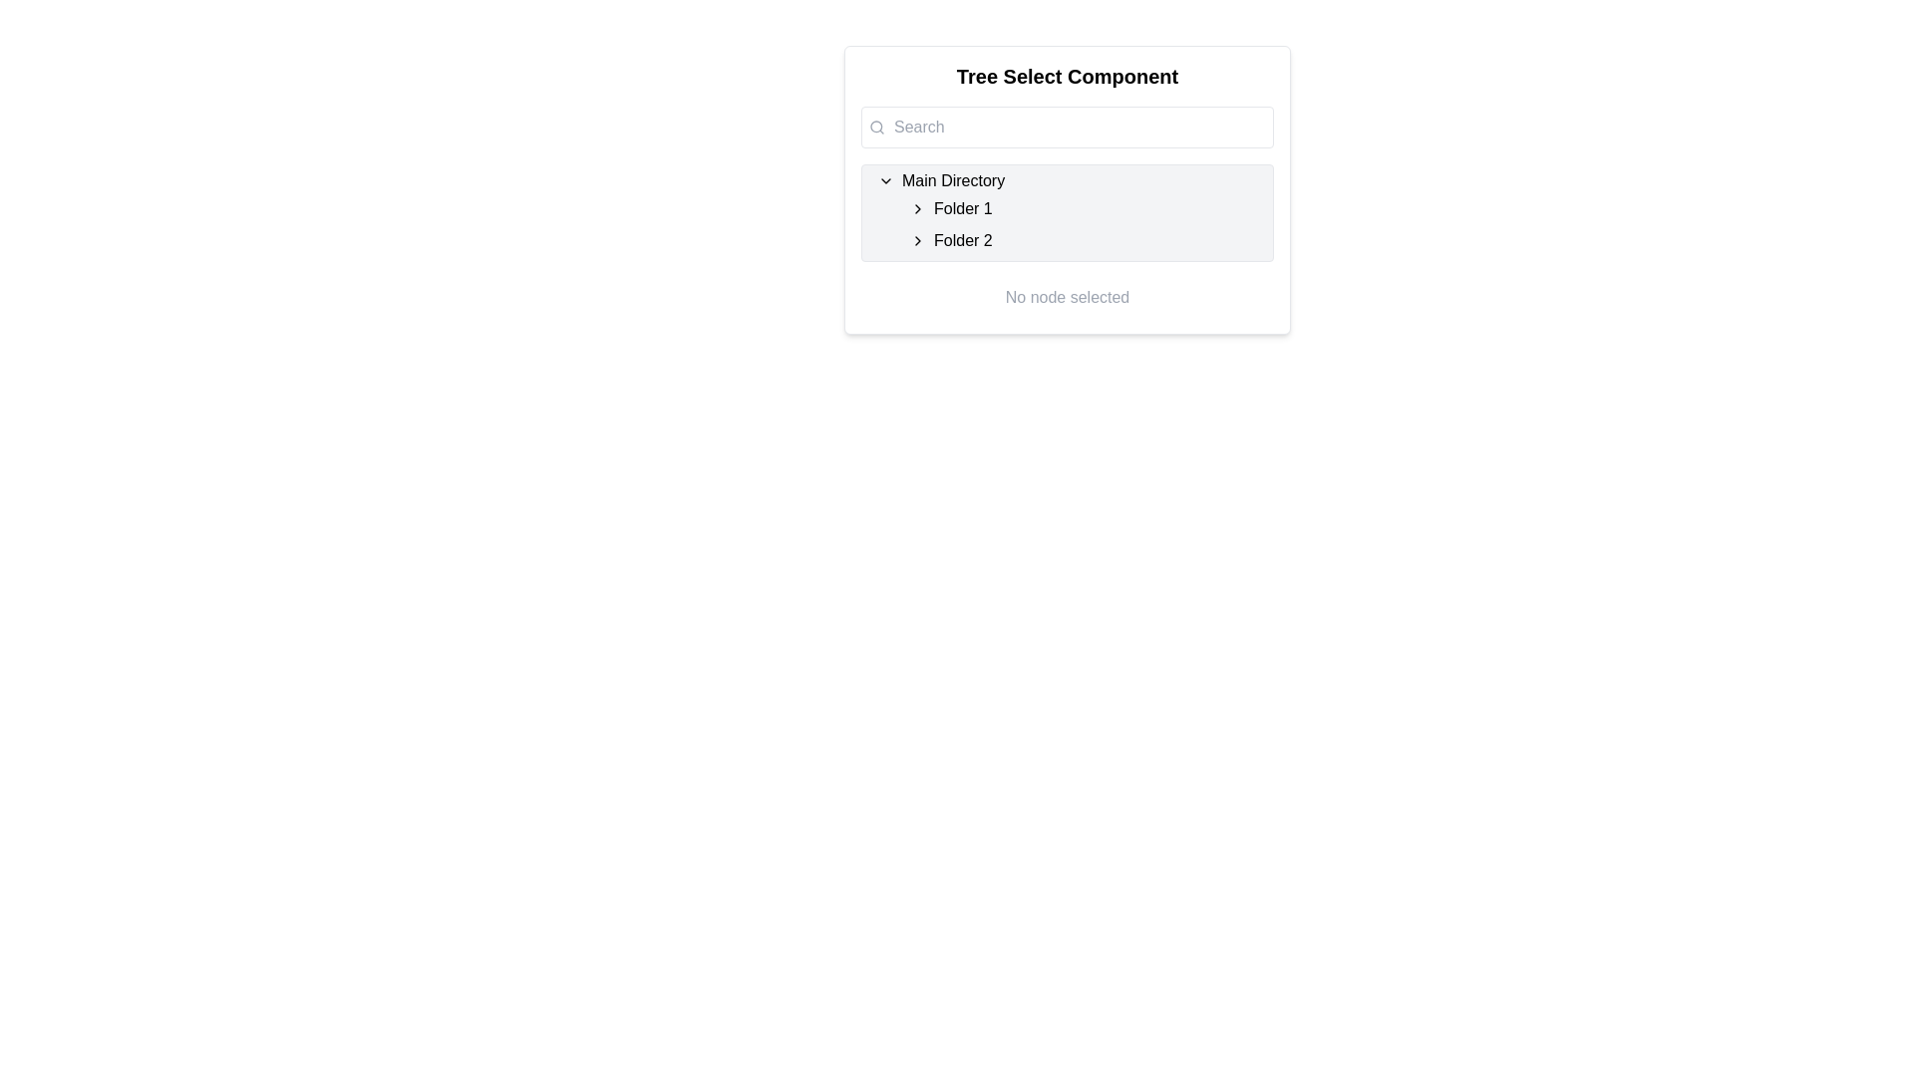  What do you see at coordinates (963, 240) in the screenshot?
I see `the text label displaying 'Folder 2' in black font, which is positioned within the second folder entry under the 'Main Directory' node in a tree view` at bounding box center [963, 240].